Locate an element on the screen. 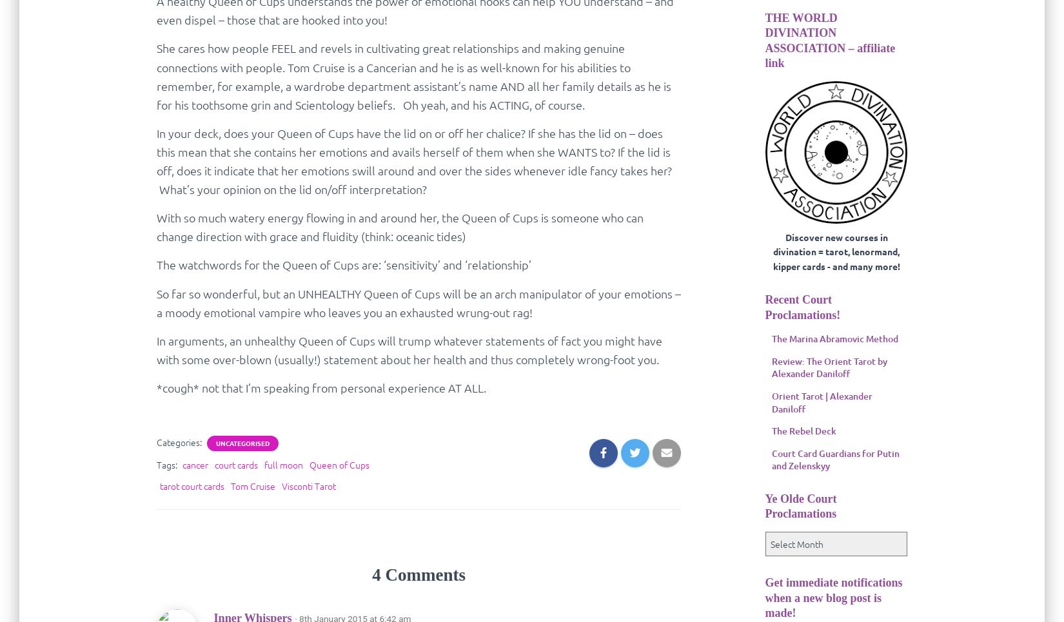  'Review: The Orient Tarot by Alexander Daniloff' is located at coordinates (828, 367).